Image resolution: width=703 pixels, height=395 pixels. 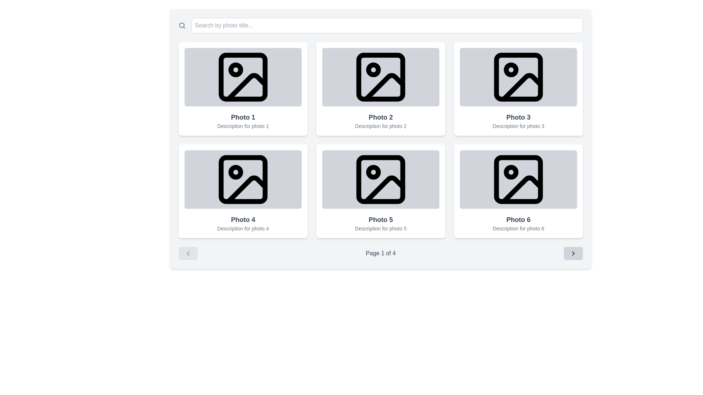 I want to click on the right-pointing chevron icon located in the bottom-right corner of the main interface, so click(x=573, y=253).